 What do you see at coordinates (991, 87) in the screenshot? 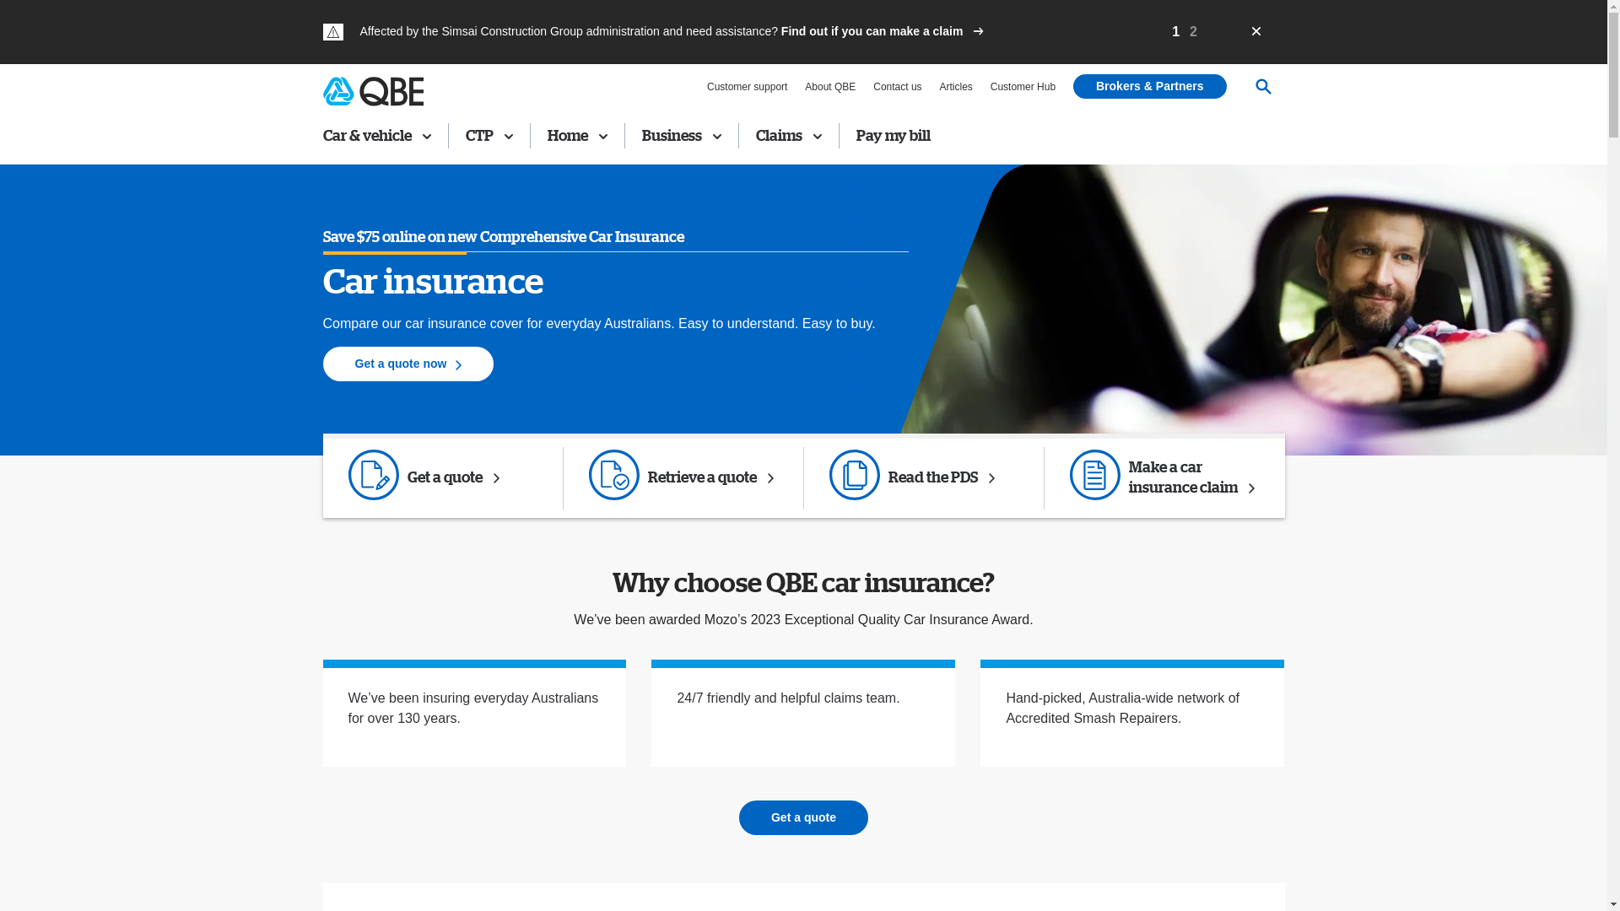
I see `'Customer Hub'` at bounding box center [991, 87].